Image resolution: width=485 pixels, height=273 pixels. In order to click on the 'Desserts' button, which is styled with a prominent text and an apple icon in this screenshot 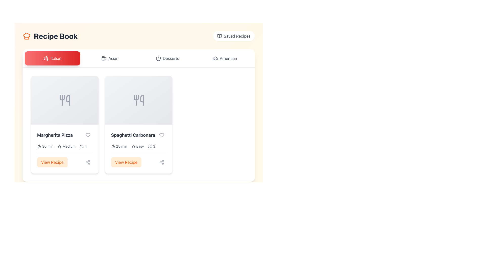, I will do `click(167, 58)`.